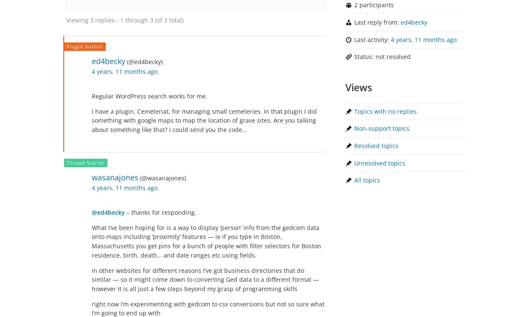 The height and width of the screenshot is (317, 531). I want to click on 'Non-support topics', so click(381, 128).